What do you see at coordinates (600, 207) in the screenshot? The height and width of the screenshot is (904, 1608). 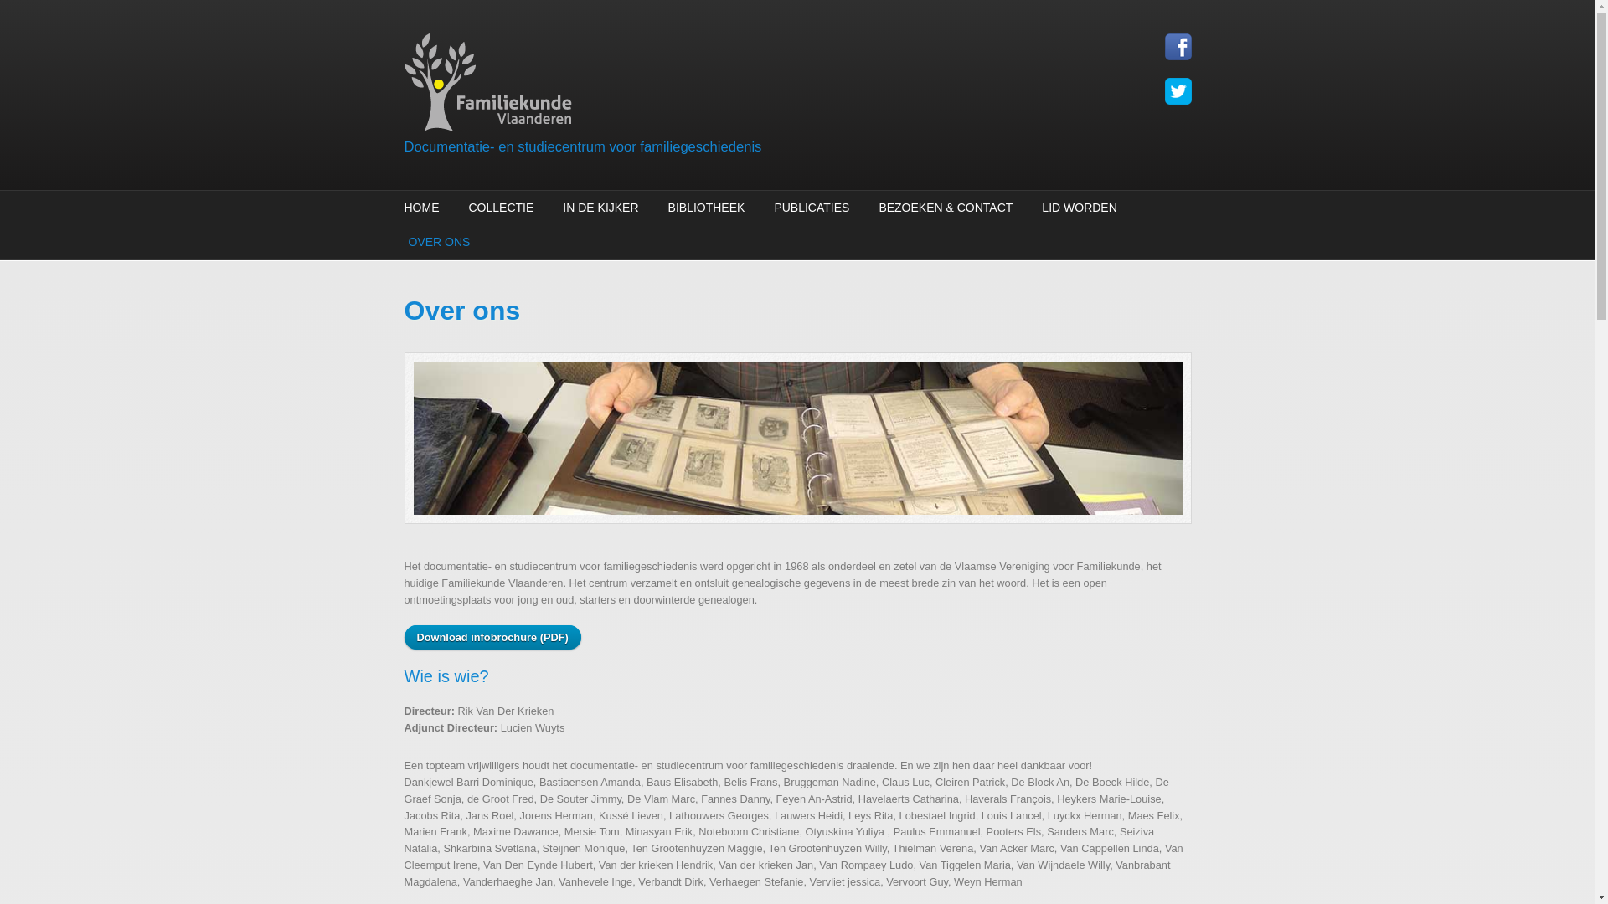 I see `'IN DE KIJKER'` at bounding box center [600, 207].